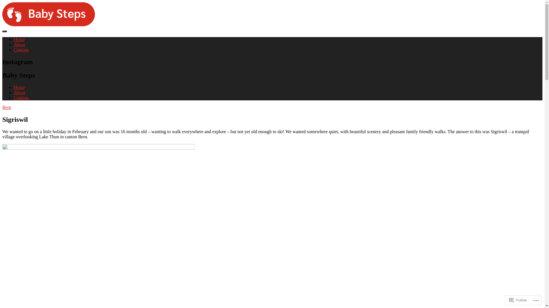  Describe the element at coordinates (19, 39) in the screenshot. I see `'Home'` at that location.